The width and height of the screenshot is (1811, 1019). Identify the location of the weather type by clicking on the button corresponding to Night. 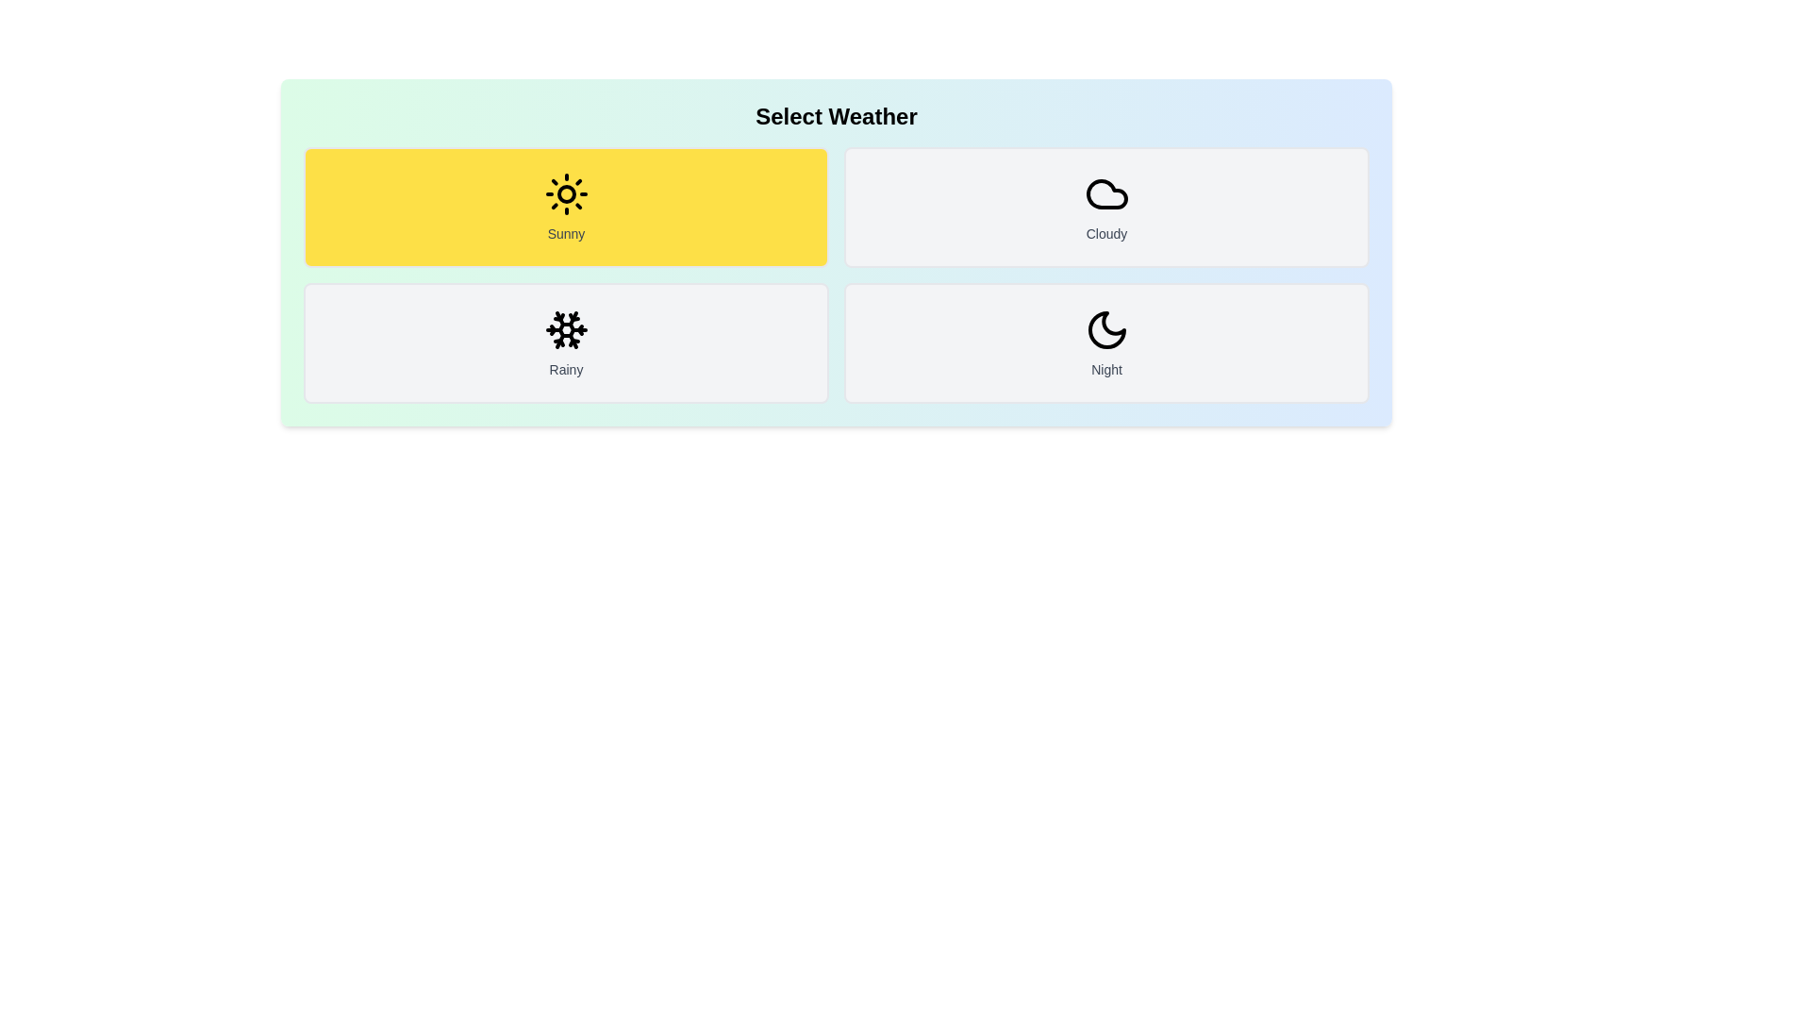
(1106, 342).